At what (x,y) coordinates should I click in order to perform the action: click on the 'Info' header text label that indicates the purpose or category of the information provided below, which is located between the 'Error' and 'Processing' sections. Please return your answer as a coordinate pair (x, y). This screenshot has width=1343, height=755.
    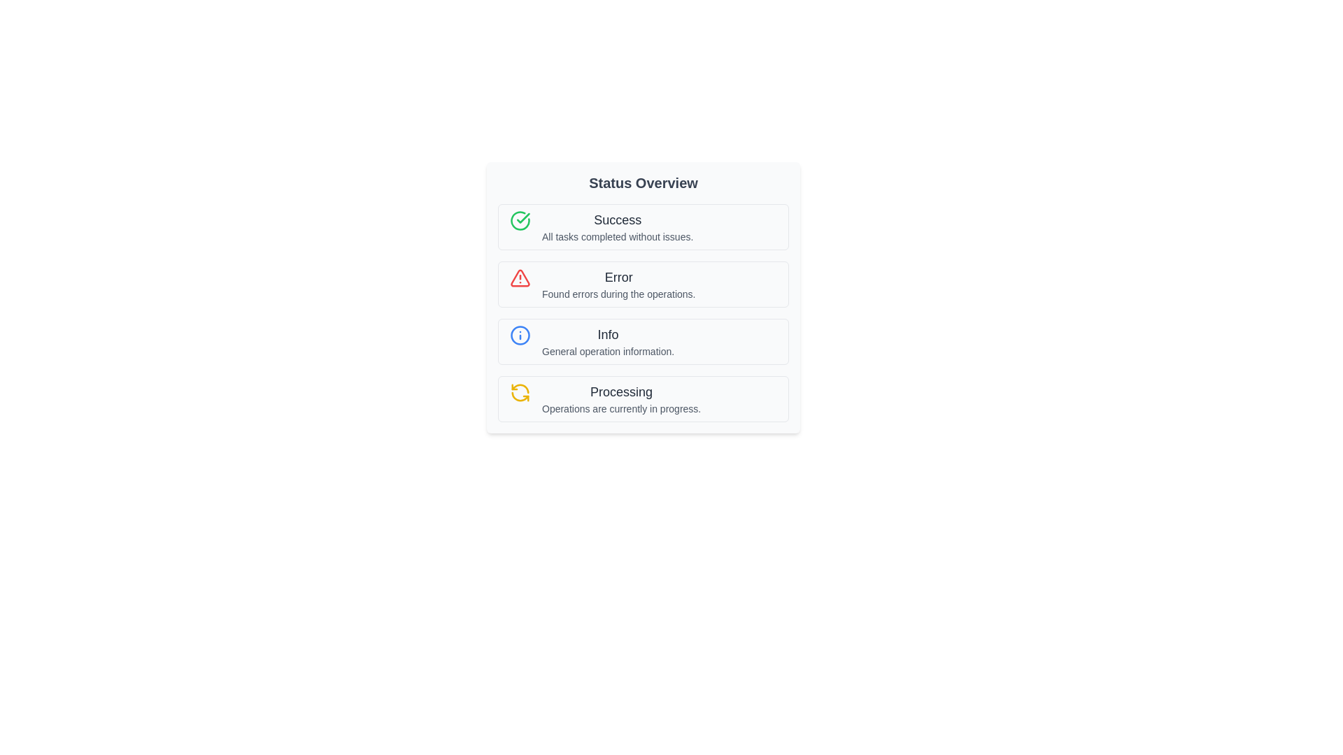
    Looking at the image, I should click on (608, 334).